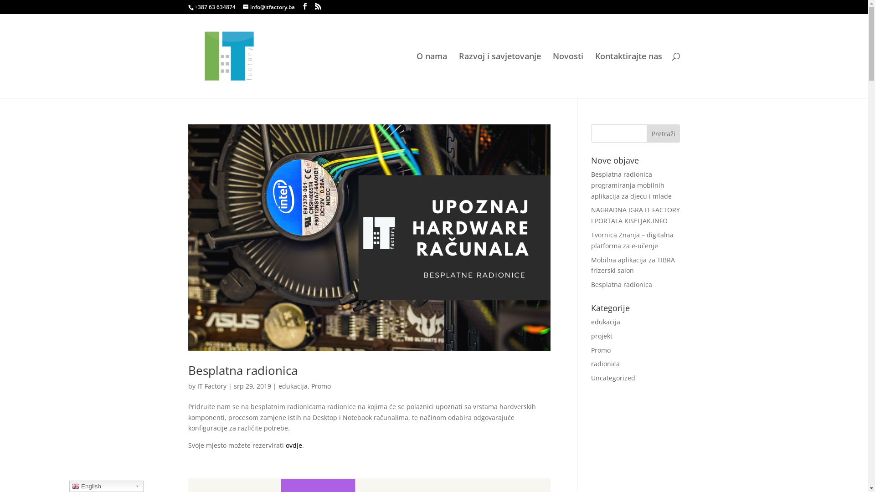  I want to click on 'edukacija', so click(293, 386).